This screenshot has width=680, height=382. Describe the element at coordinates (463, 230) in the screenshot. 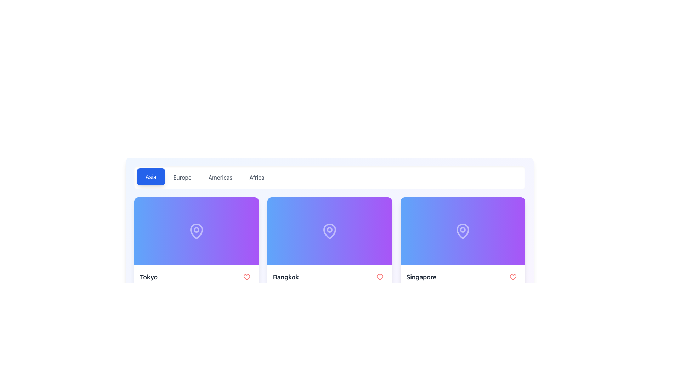

I see `the center circle of the map pin icon located within the third card in the horizontal list, which is to the right of the 'Tokyo' and 'Bangkok' cards` at that location.